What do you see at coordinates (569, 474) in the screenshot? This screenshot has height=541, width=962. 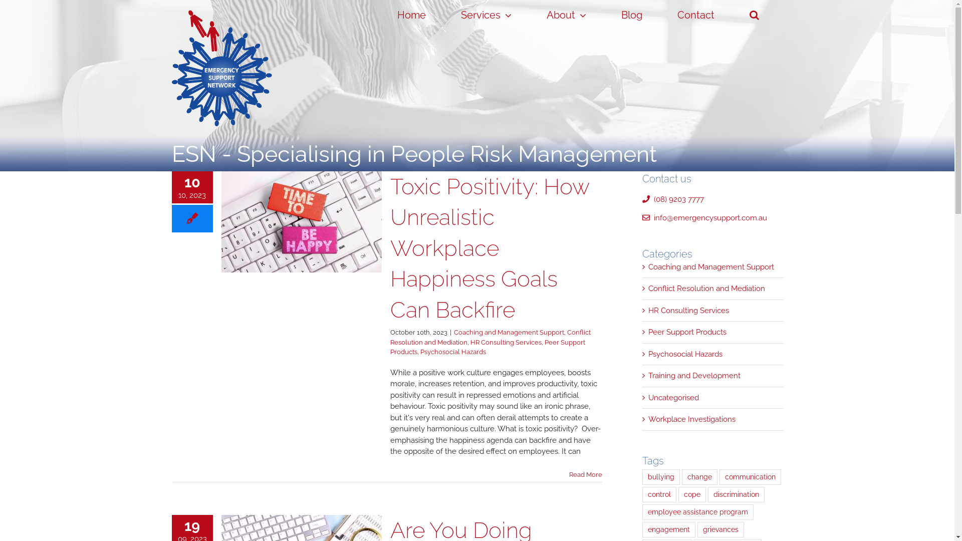 I see `'Read More'` at bounding box center [569, 474].